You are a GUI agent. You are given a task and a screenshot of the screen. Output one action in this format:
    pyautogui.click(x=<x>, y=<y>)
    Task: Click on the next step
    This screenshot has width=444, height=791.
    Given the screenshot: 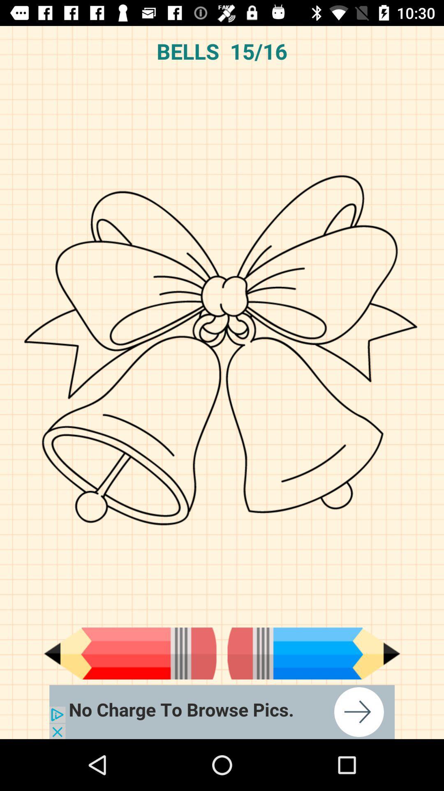 What is the action you would take?
    pyautogui.click(x=314, y=653)
    